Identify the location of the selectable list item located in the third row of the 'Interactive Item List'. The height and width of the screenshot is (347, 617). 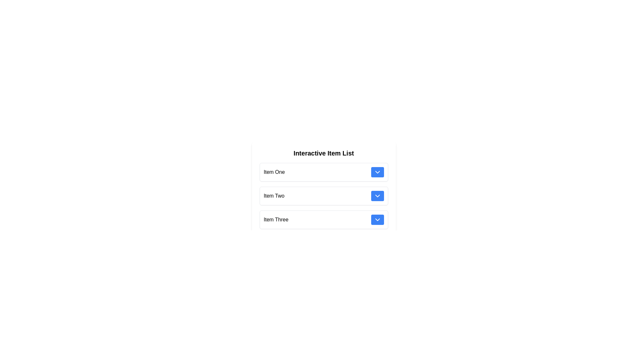
(324, 219).